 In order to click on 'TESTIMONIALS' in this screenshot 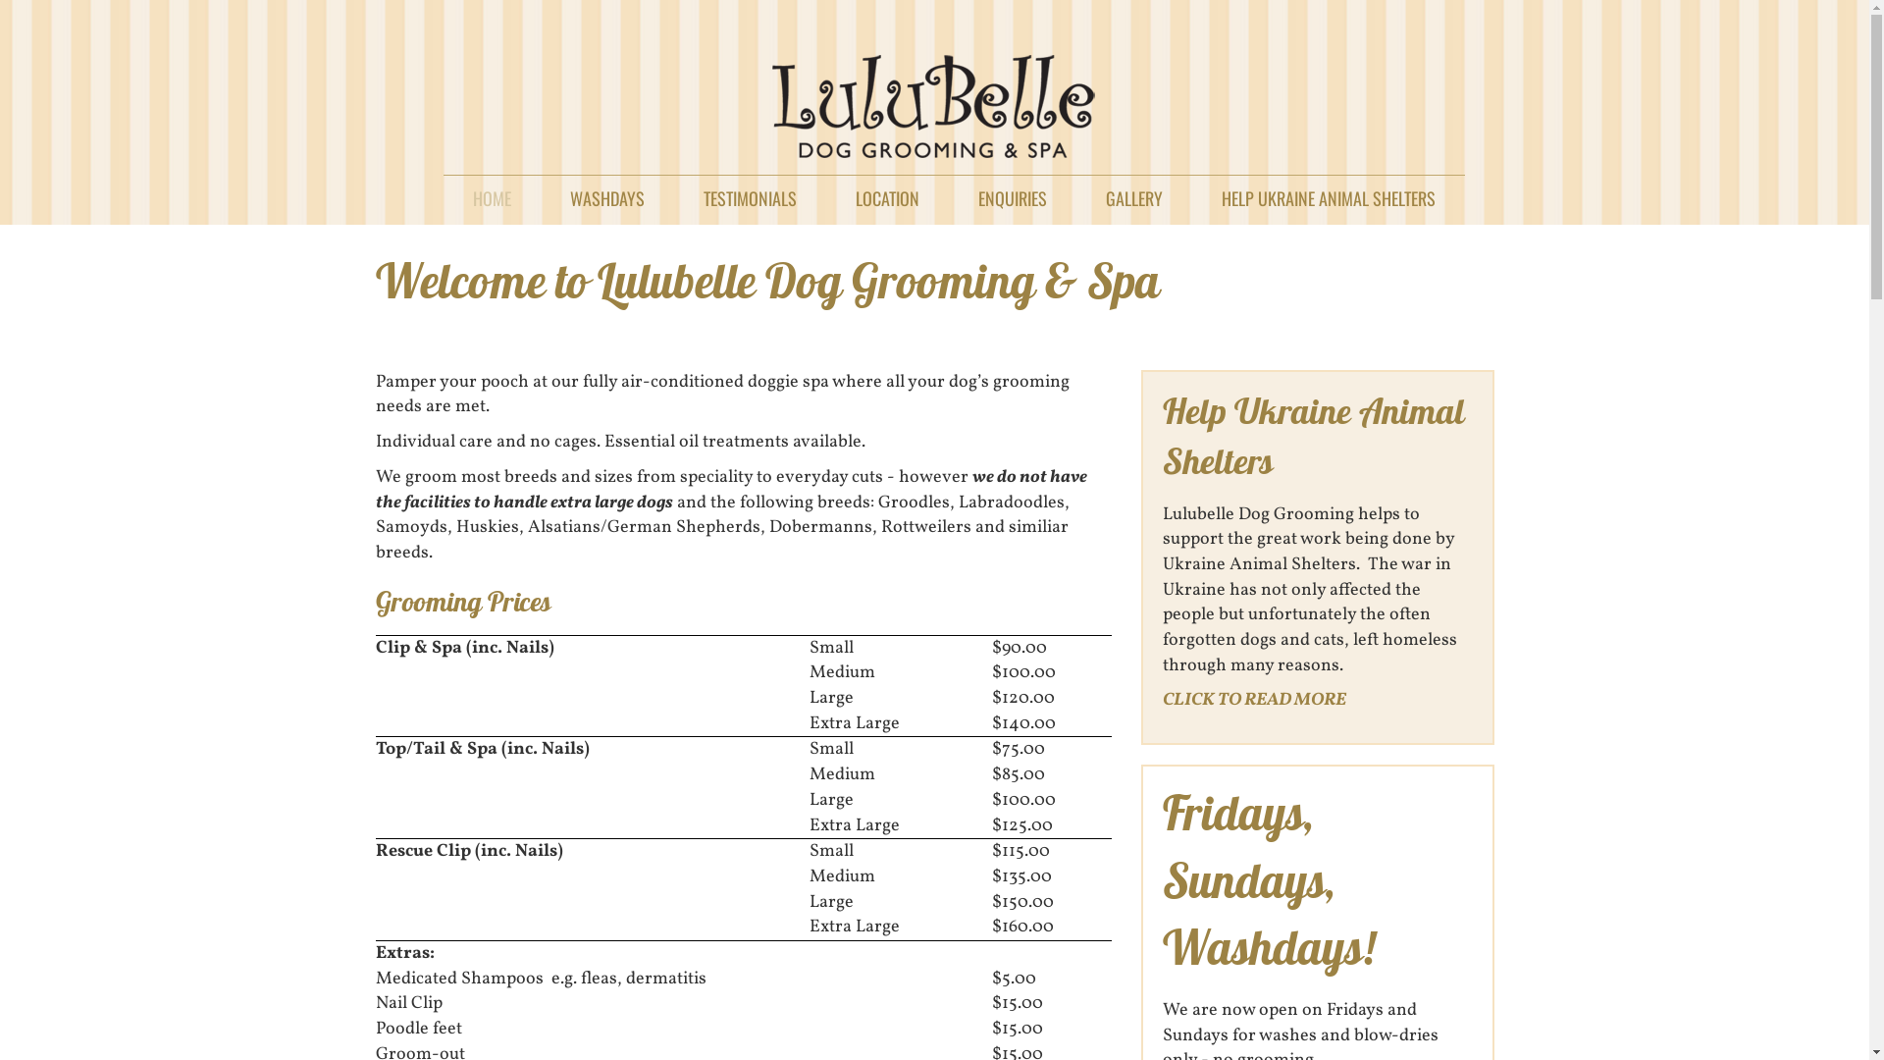, I will do `click(749, 192)`.